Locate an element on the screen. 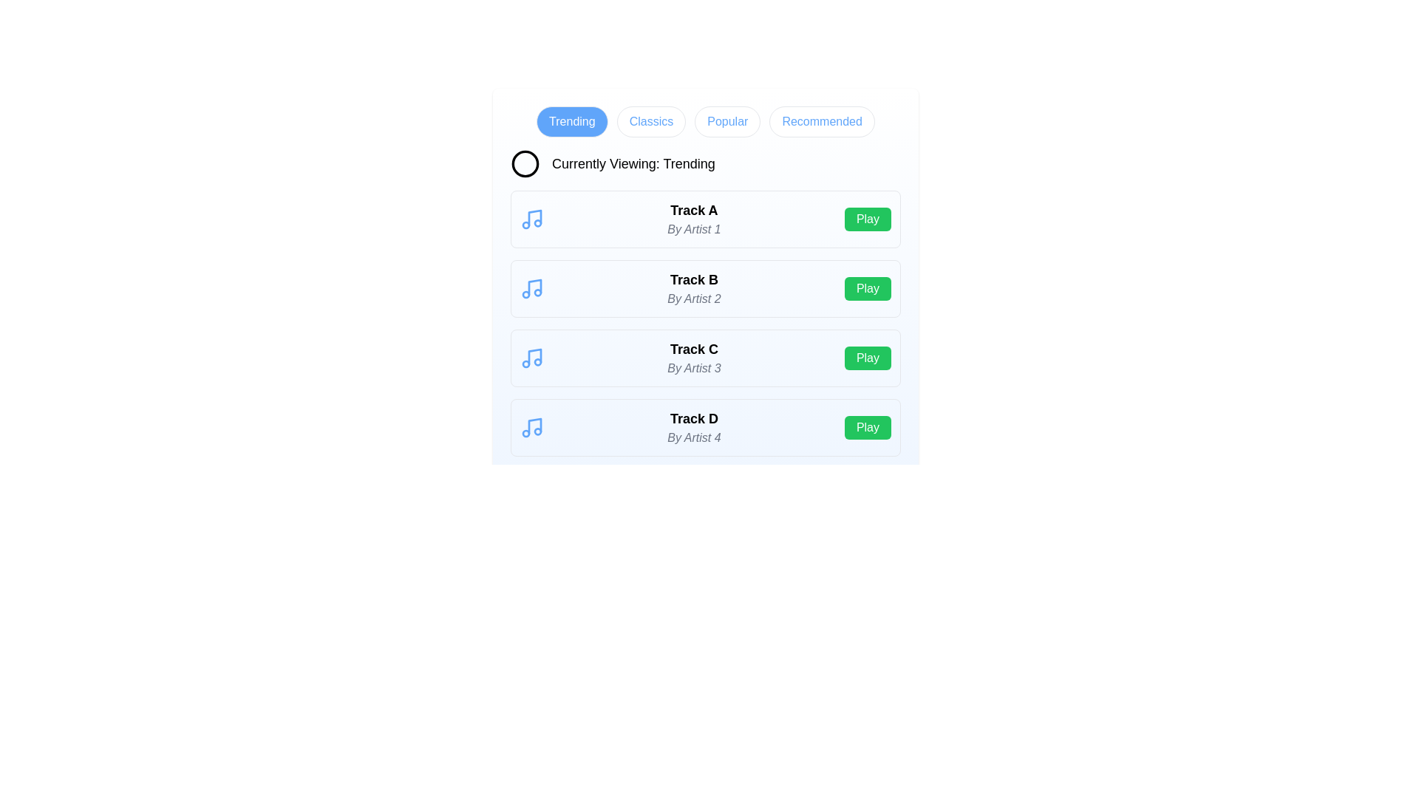 The height and width of the screenshot is (798, 1419). the category Popular by clicking the corresponding button is located at coordinates (727, 121).